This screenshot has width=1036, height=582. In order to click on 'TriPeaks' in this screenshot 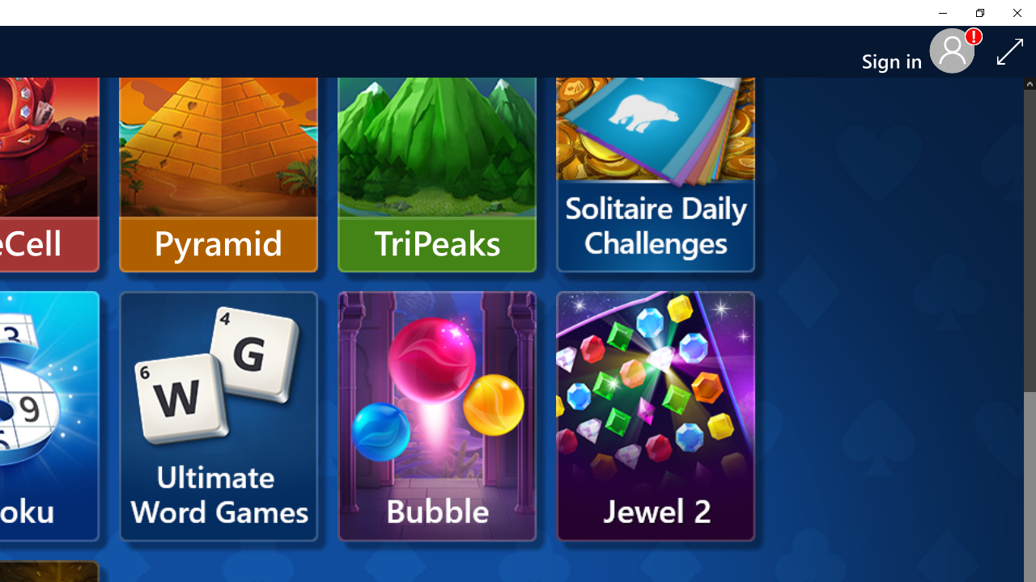, I will do `click(437, 147)`.